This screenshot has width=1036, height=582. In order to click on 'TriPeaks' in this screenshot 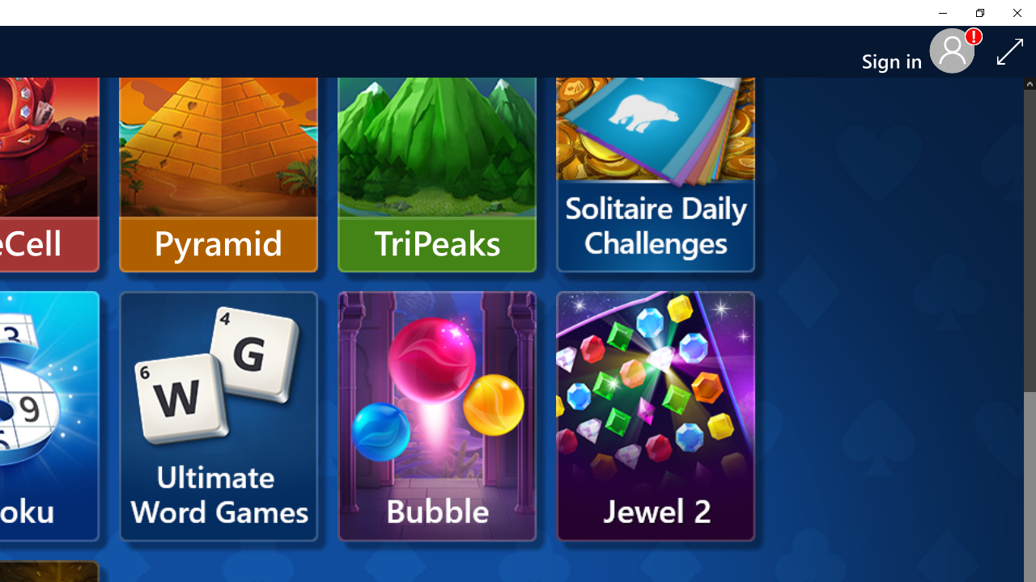, I will do `click(437, 147)`.